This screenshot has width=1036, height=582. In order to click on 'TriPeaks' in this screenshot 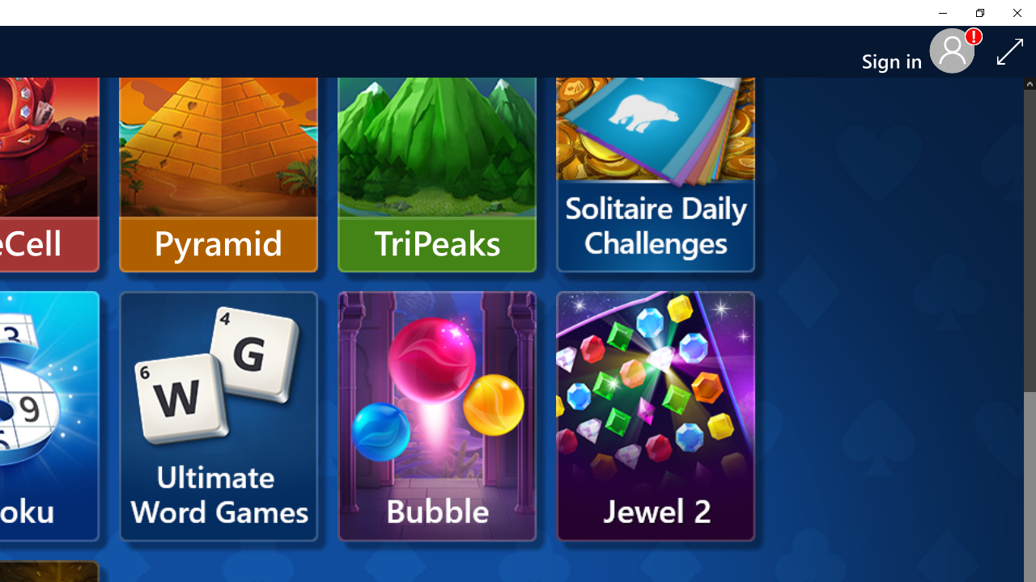, I will do `click(437, 147)`.